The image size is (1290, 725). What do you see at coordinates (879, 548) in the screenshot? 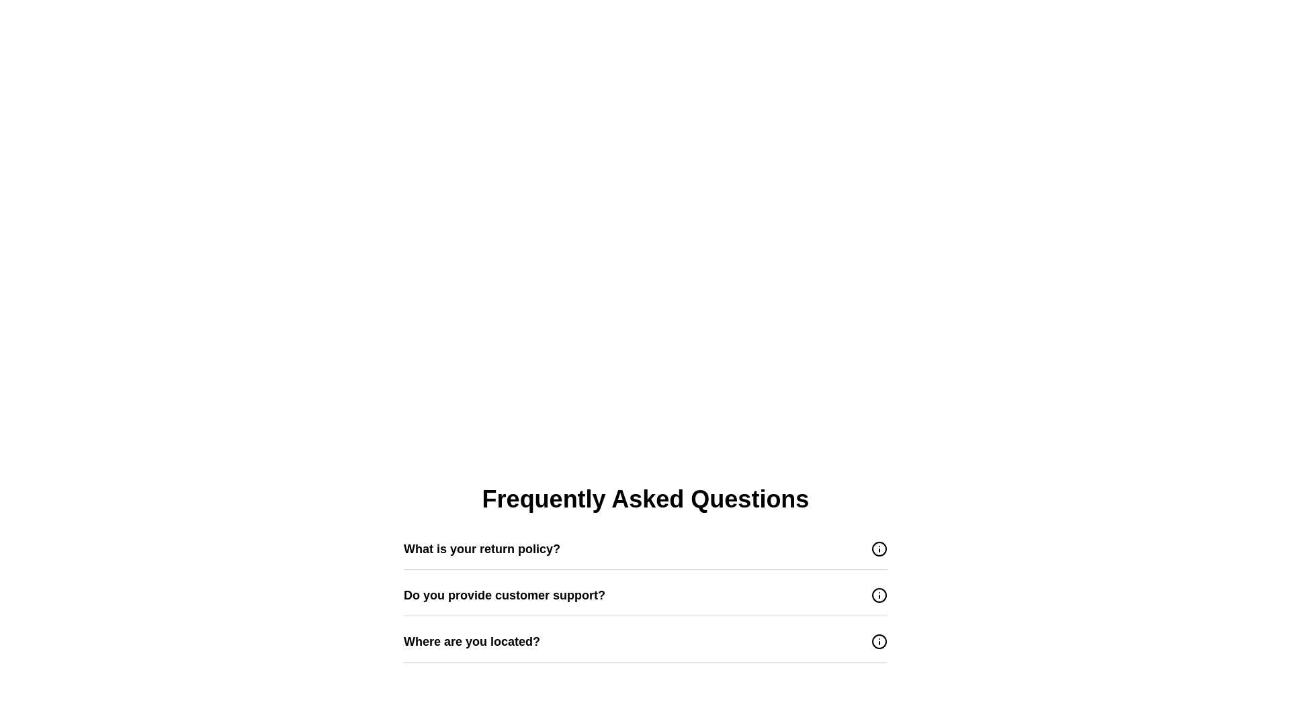
I see `the informational icon located on the far-right side of the question 'What is your return policy?' in the 'Frequently Asked Questions' section` at bounding box center [879, 548].